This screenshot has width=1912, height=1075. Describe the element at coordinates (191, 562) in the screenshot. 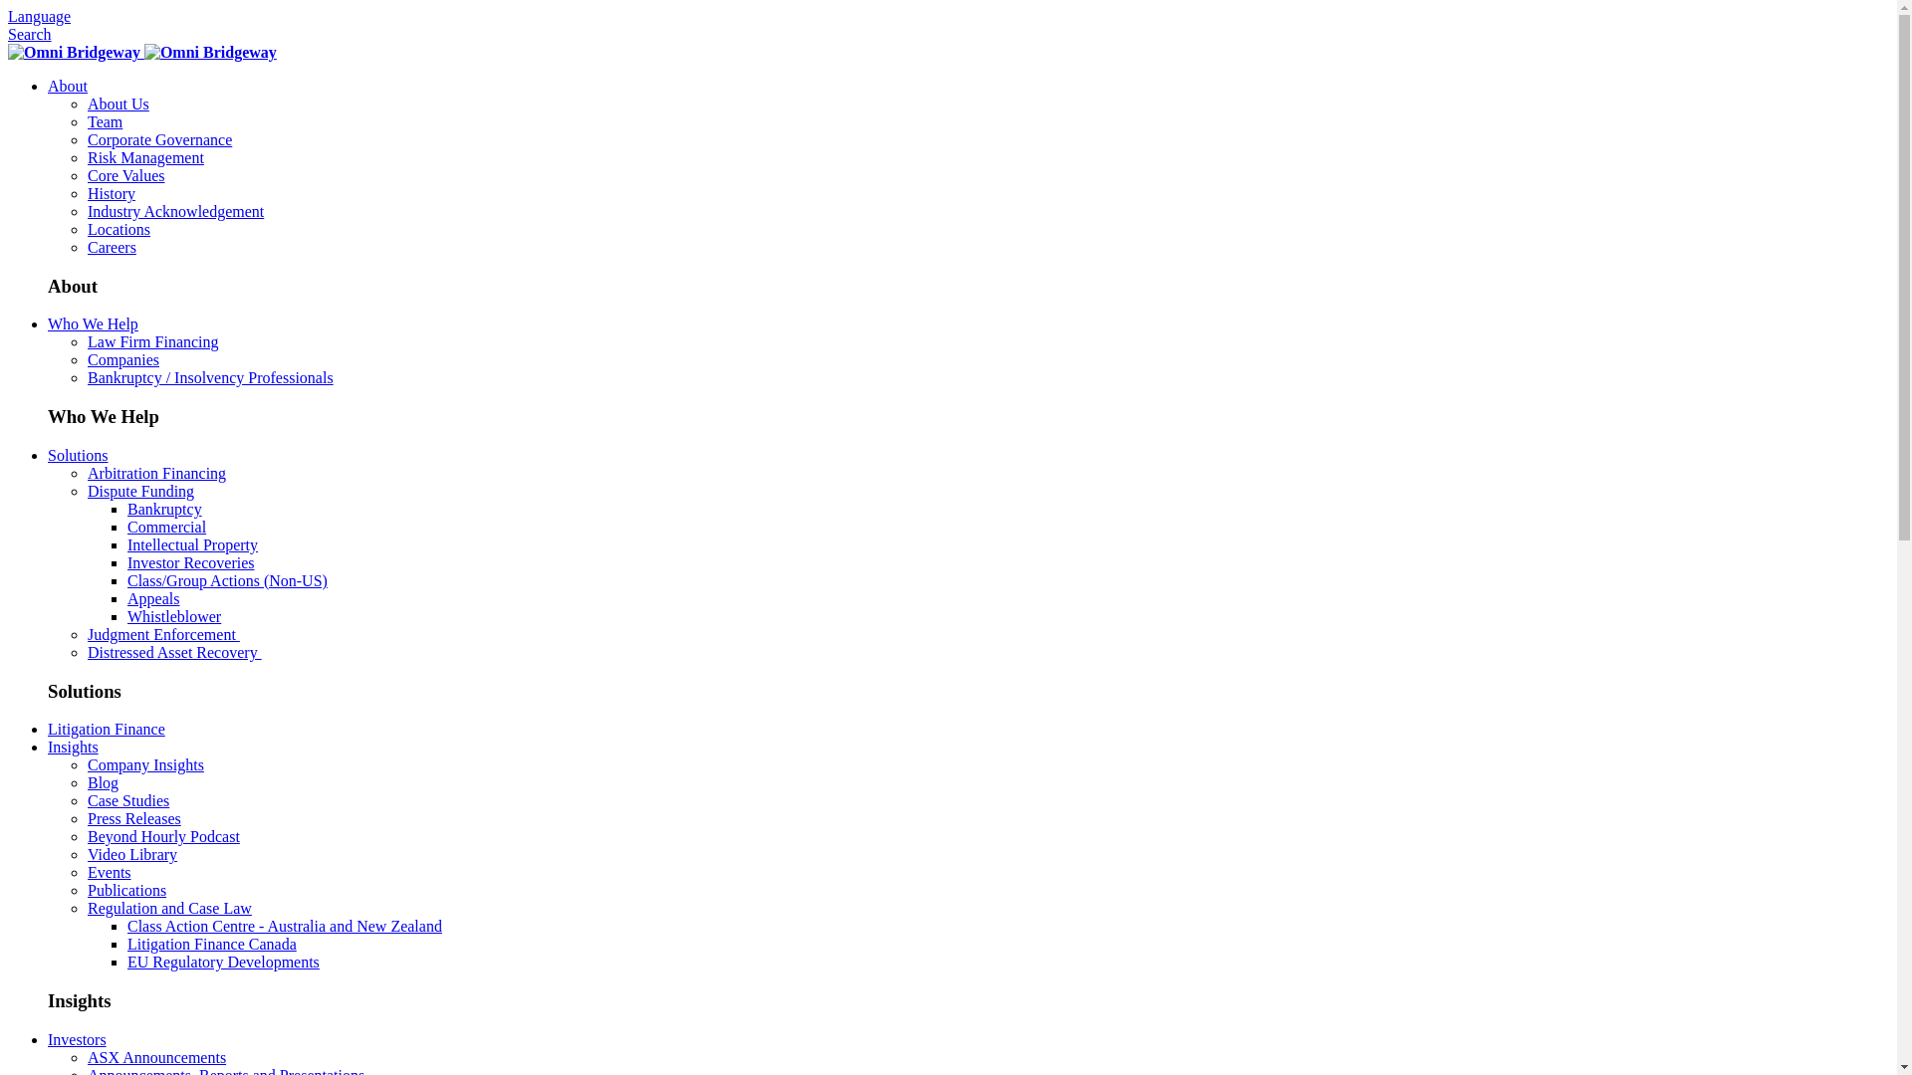

I see `'Investor Recoveries'` at that location.